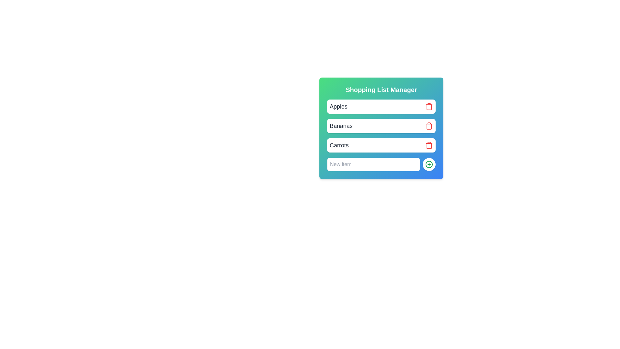 This screenshot has height=349, width=620. What do you see at coordinates (373, 164) in the screenshot?
I see `the new item input field and clear its content` at bounding box center [373, 164].